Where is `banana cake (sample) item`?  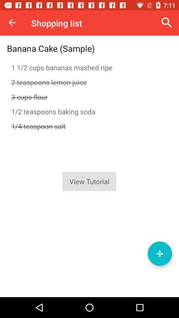
banana cake (sample) item is located at coordinates (50, 48).